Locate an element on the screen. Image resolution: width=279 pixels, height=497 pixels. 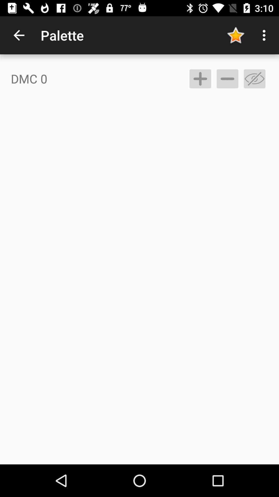
icon to the left of the palette is located at coordinates (19, 35).